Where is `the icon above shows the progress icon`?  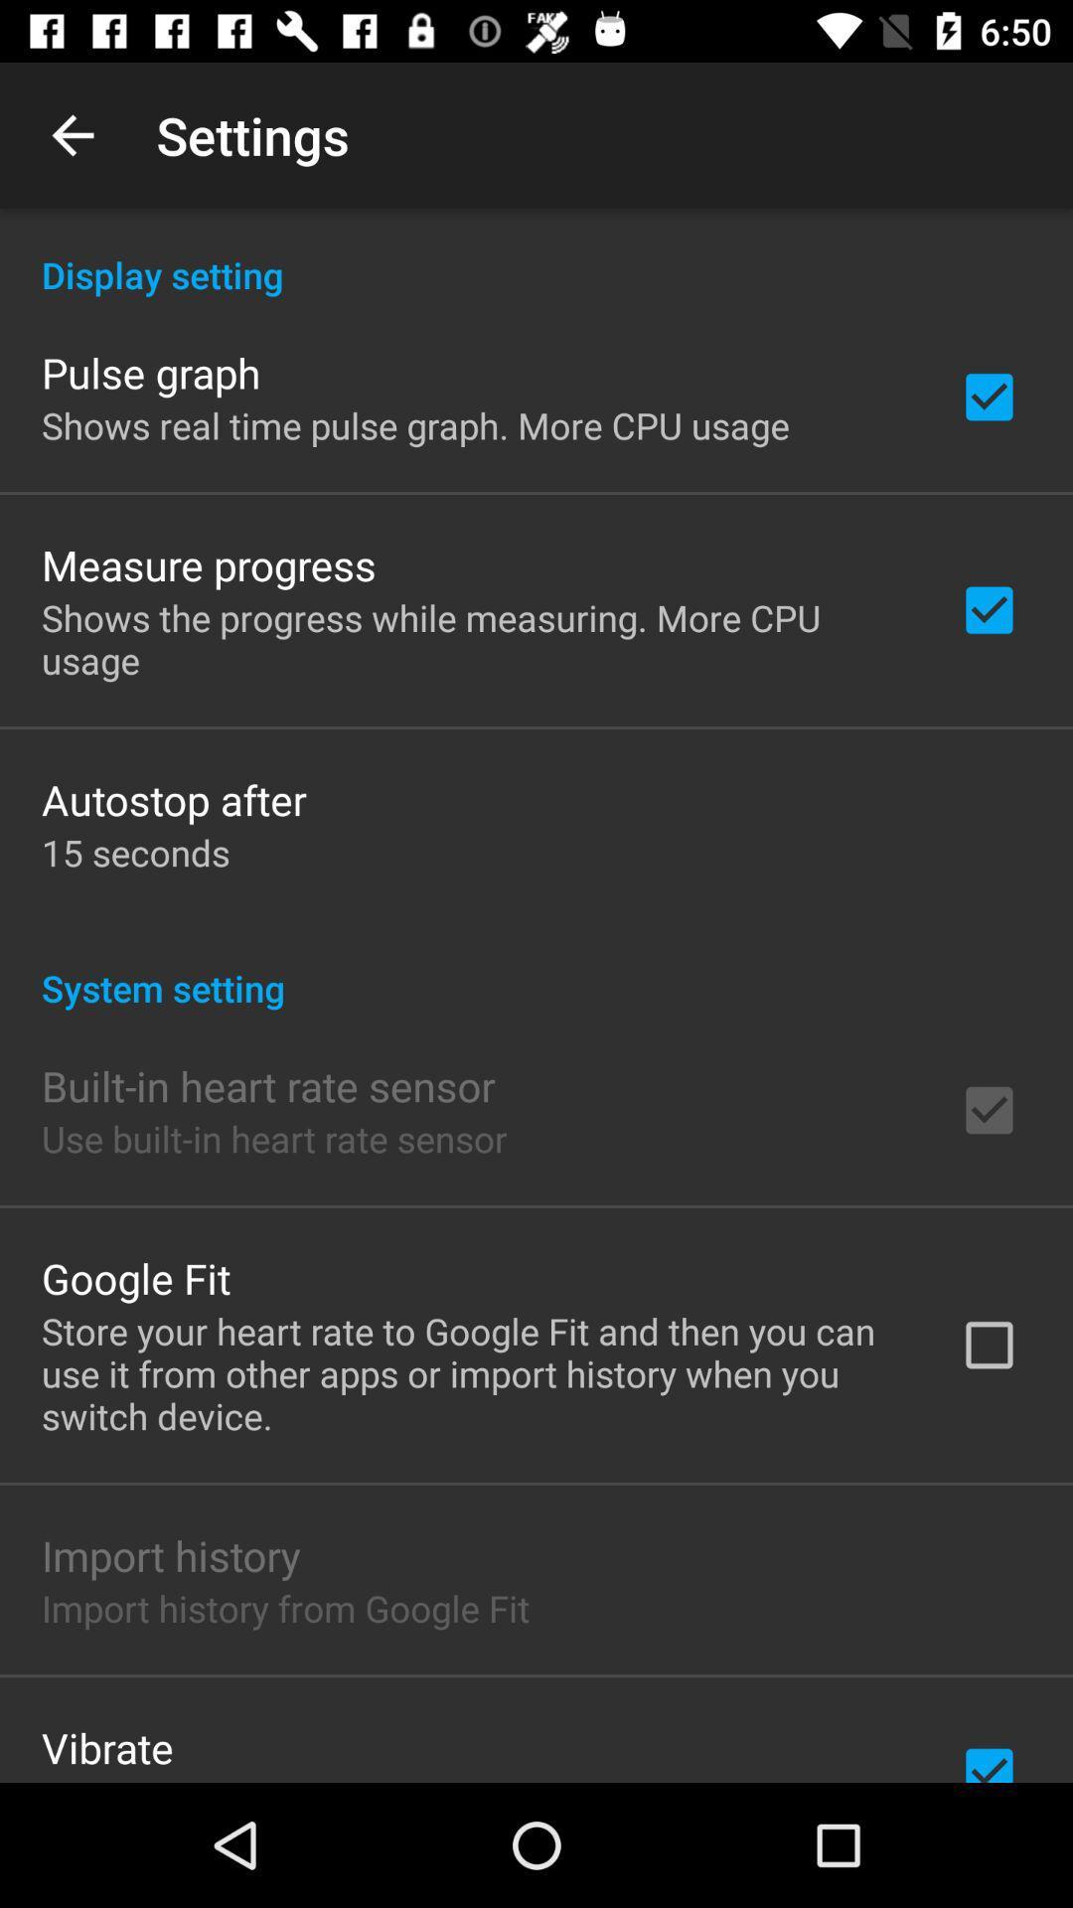
the icon above shows the progress icon is located at coordinates (209, 563).